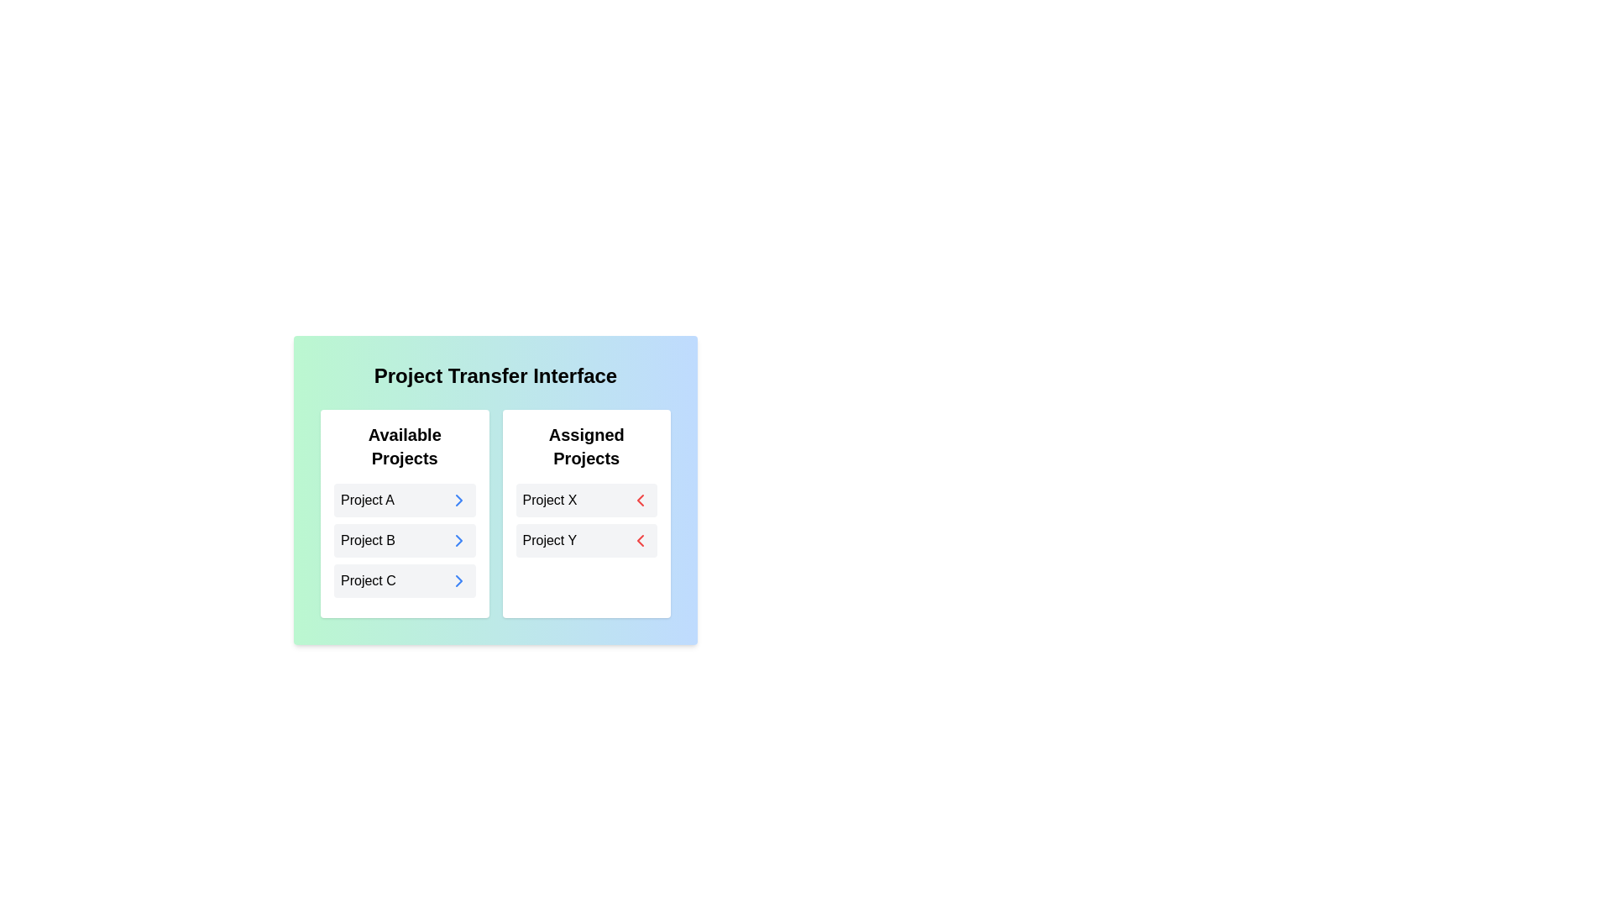 The height and width of the screenshot is (907, 1612). What do you see at coordinates (405, 541) in the screenshot?
I see `the second item in the list of available projects, labeled 'Project B'` at bounding box center [405, 541].